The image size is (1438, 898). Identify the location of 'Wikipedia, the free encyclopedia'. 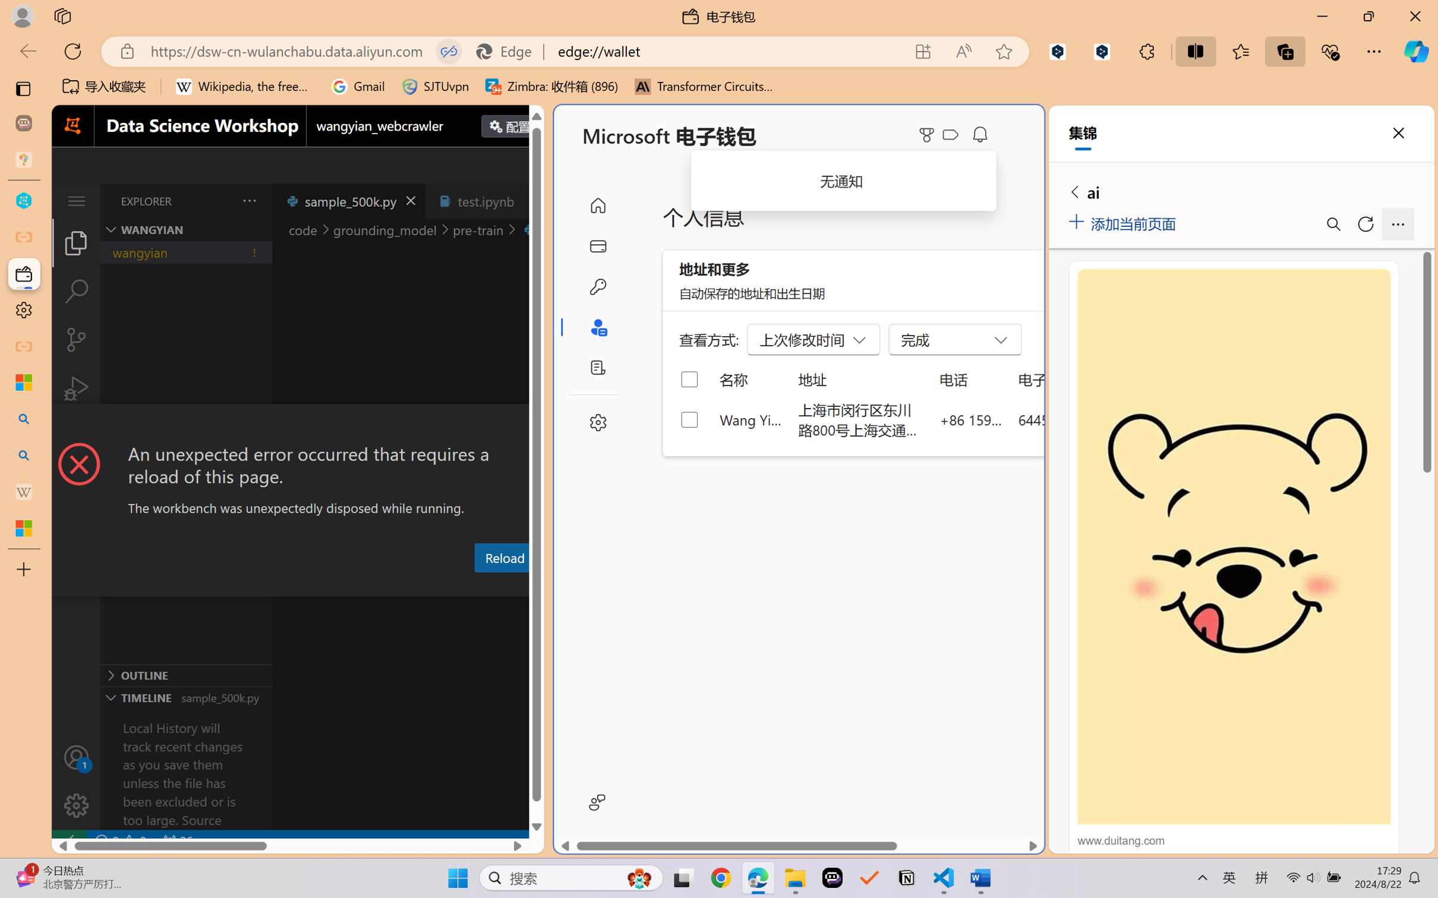
(244, 86).